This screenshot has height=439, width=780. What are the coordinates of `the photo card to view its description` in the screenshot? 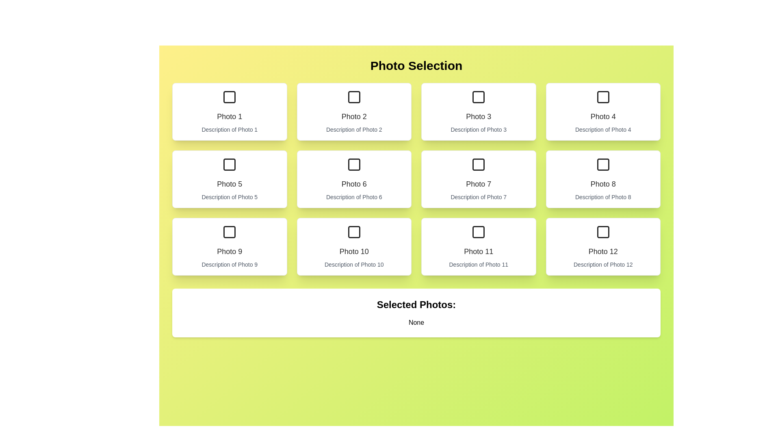 It's located at (229, 111).